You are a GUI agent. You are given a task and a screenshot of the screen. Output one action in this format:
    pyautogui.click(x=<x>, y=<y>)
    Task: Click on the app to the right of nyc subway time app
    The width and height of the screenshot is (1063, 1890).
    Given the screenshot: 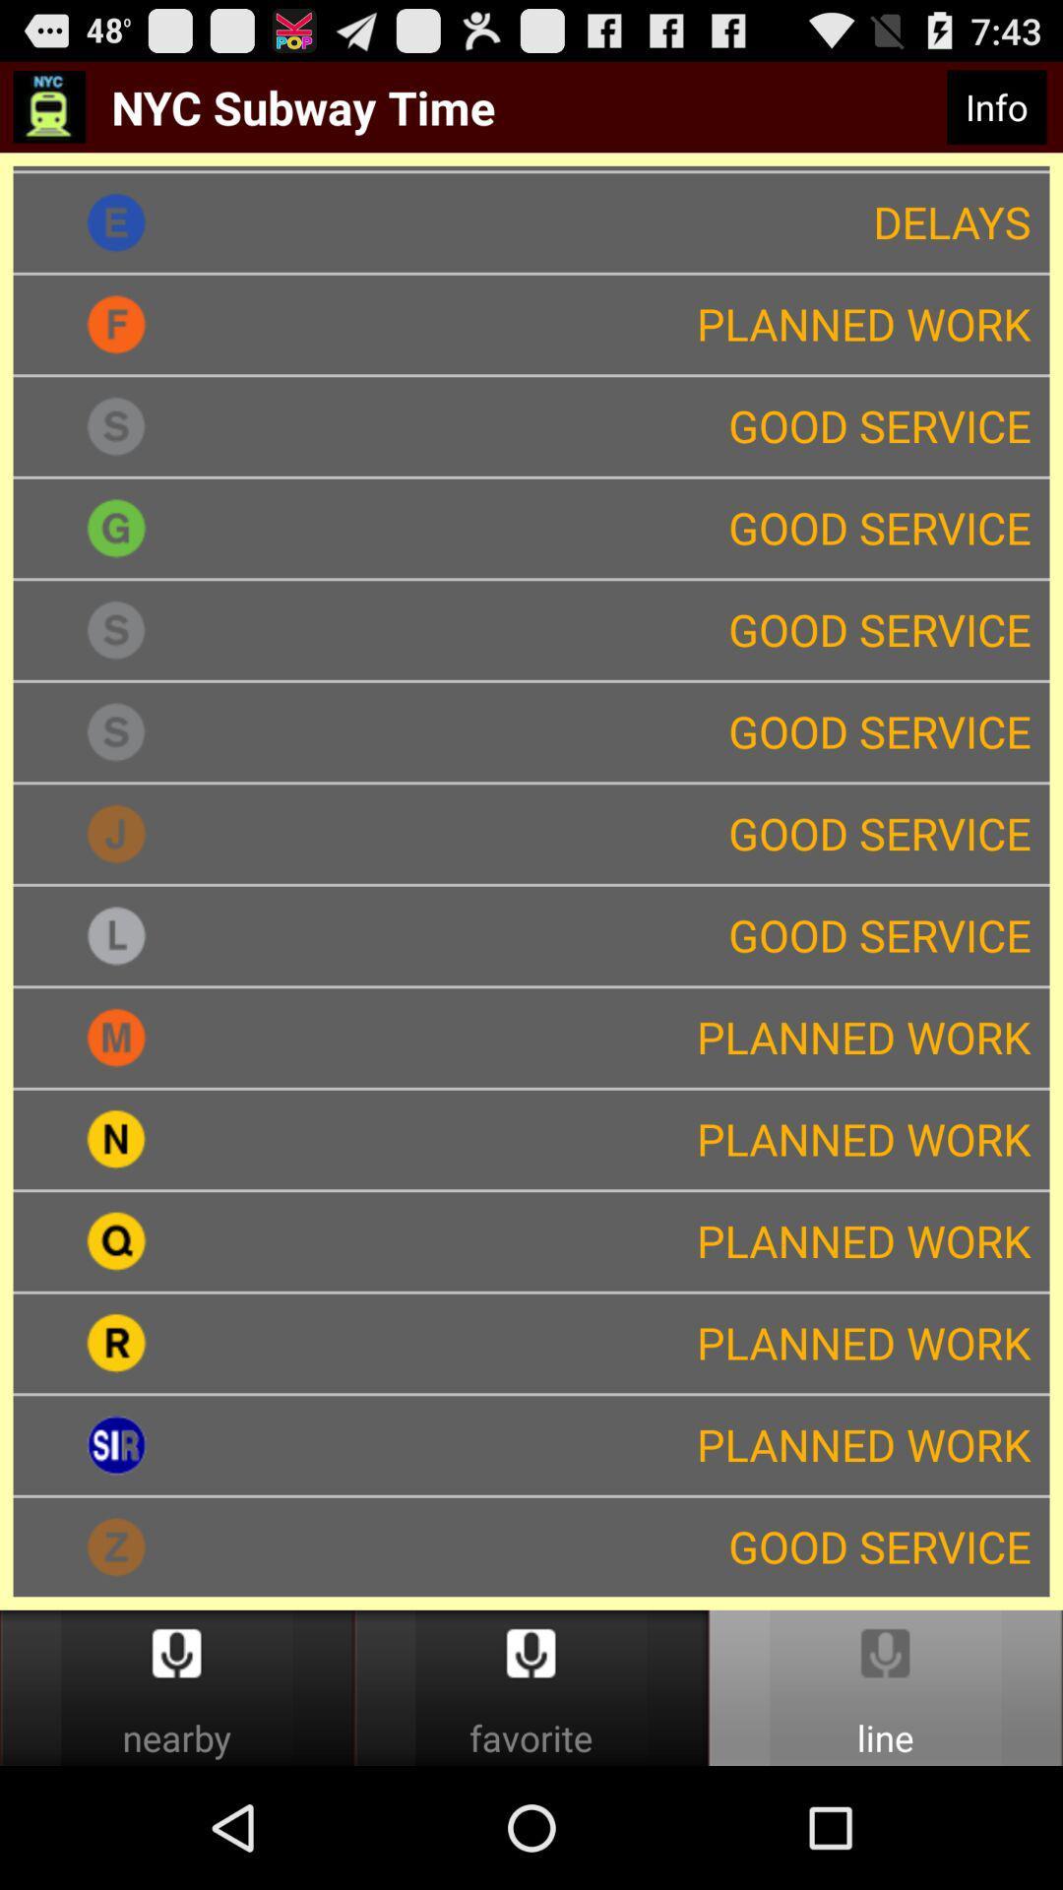 What is the action you would take?
    pyautogui.click(x=996, y=106)
    